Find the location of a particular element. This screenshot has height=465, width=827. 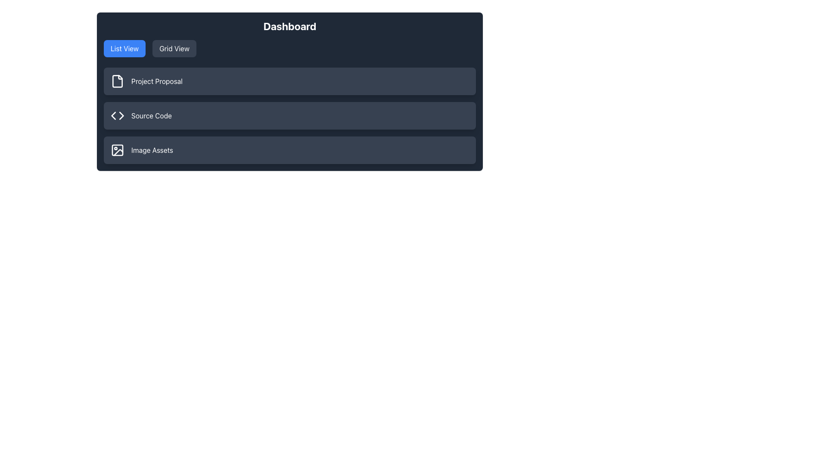

the second text label indicating a section related to source code, which is positioned to the right of the coding symbol icon is located at coordinates (151, 115).